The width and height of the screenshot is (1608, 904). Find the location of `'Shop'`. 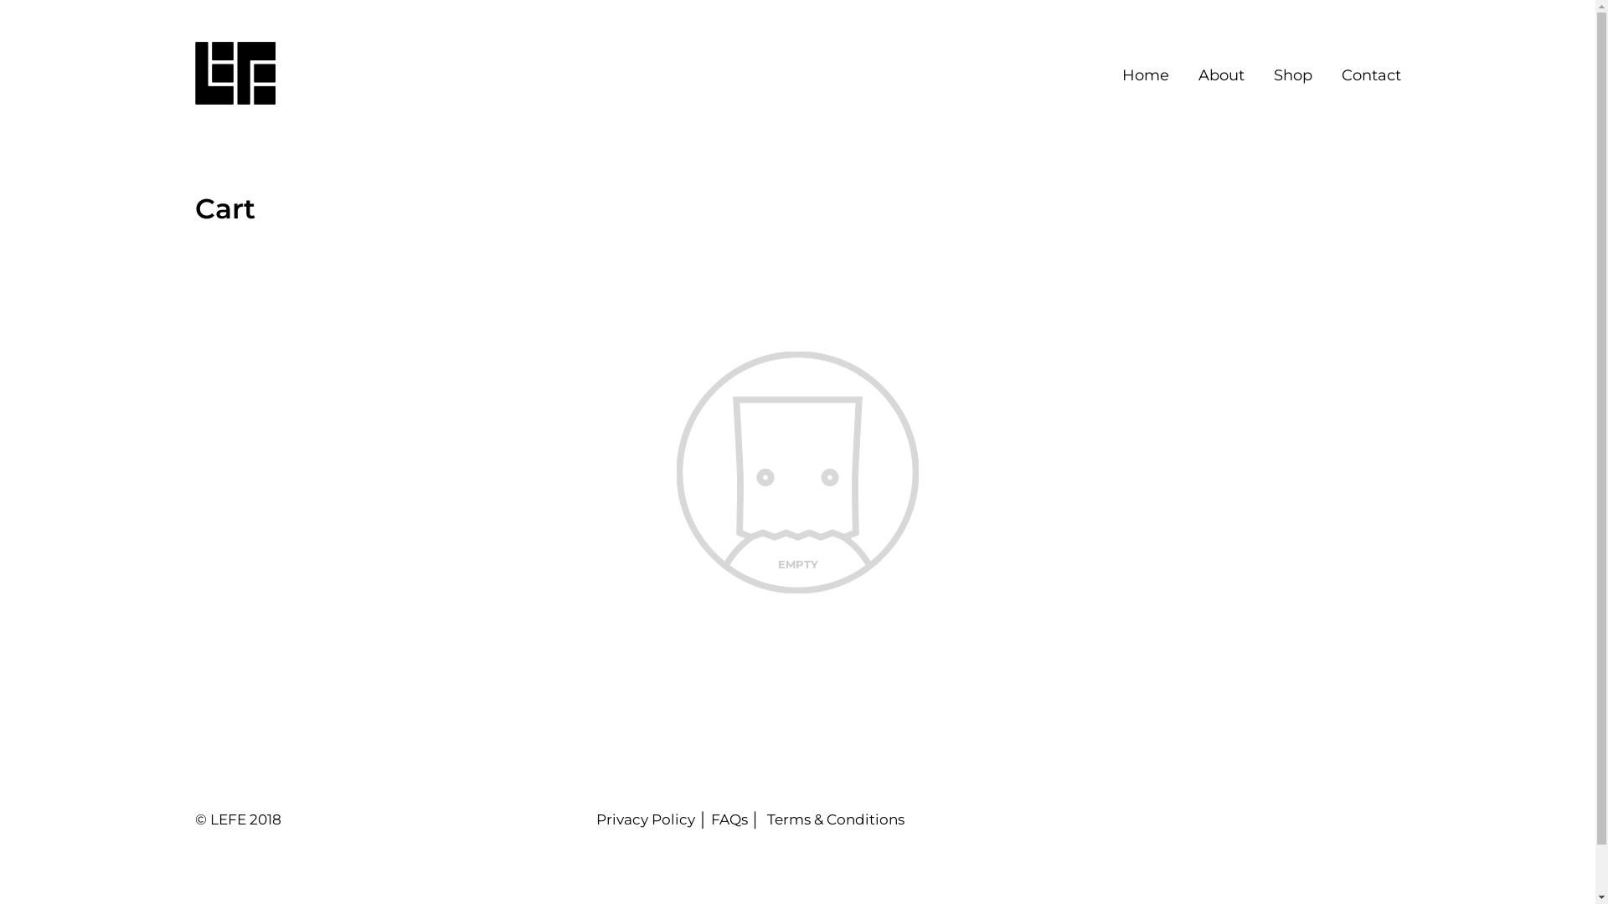

'Shop' is located at coordinates (1273, 74).